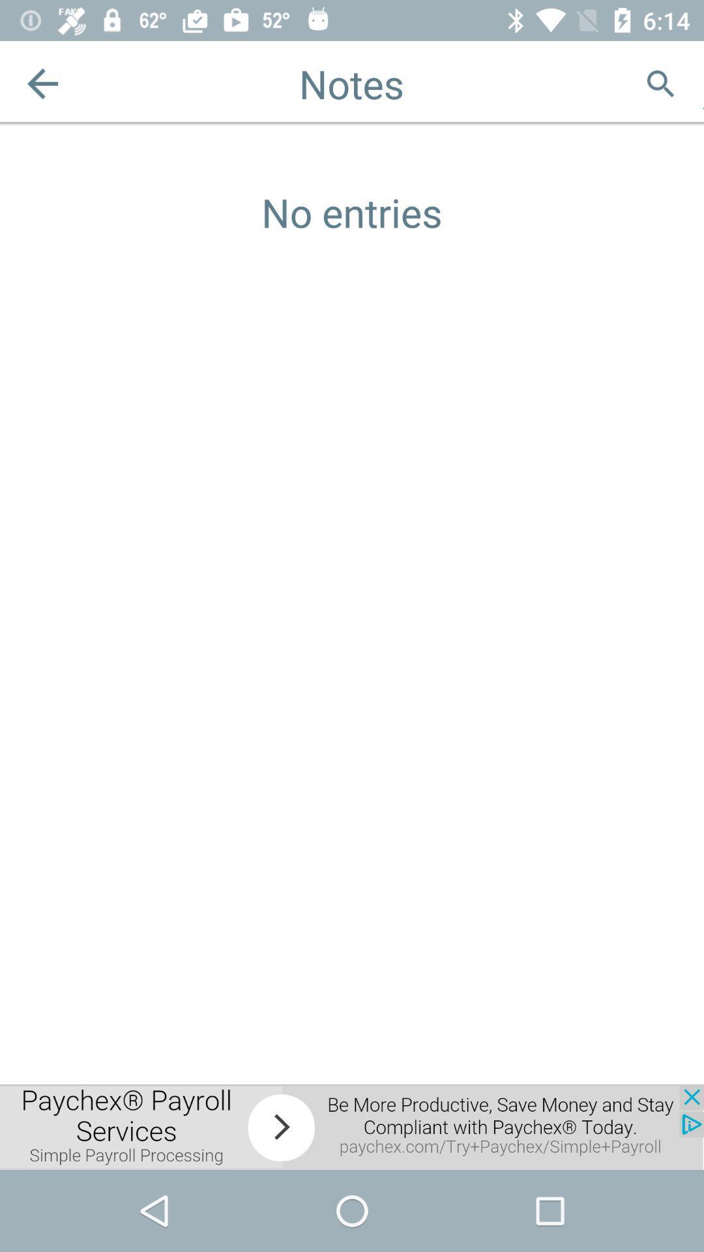 This screenshot has width=704, height=1252. I want to click on advertisement banner, so click(352, 1126).